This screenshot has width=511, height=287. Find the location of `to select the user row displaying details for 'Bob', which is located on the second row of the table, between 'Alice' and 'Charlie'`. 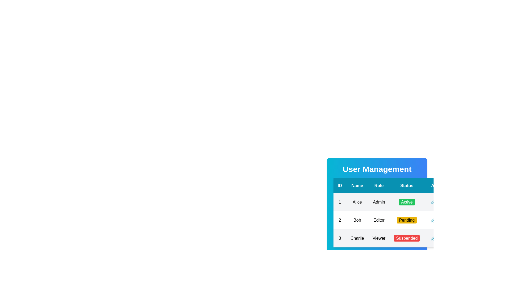

to select the user row displaying details for 'Bob', which is located on the second row of the table, between 'Alice' and 'Charlie' is located at coordinates (393, 220).